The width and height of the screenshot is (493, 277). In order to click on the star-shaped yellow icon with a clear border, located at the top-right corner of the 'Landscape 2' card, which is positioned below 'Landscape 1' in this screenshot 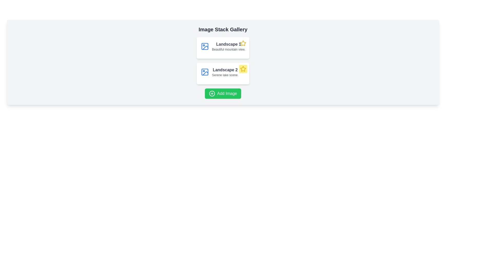, I will do `click(243, 69)`.